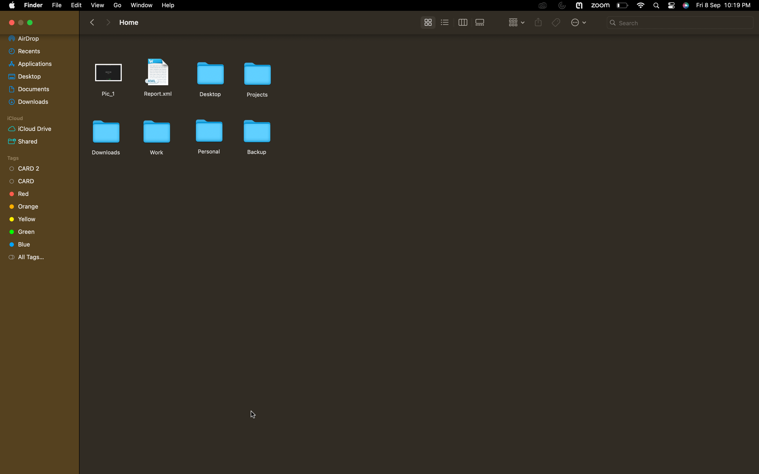  What do you see at coordinates (109, 77) in the screenshot?
I see `Get rid of the top file` at bounding box center [109, 77].